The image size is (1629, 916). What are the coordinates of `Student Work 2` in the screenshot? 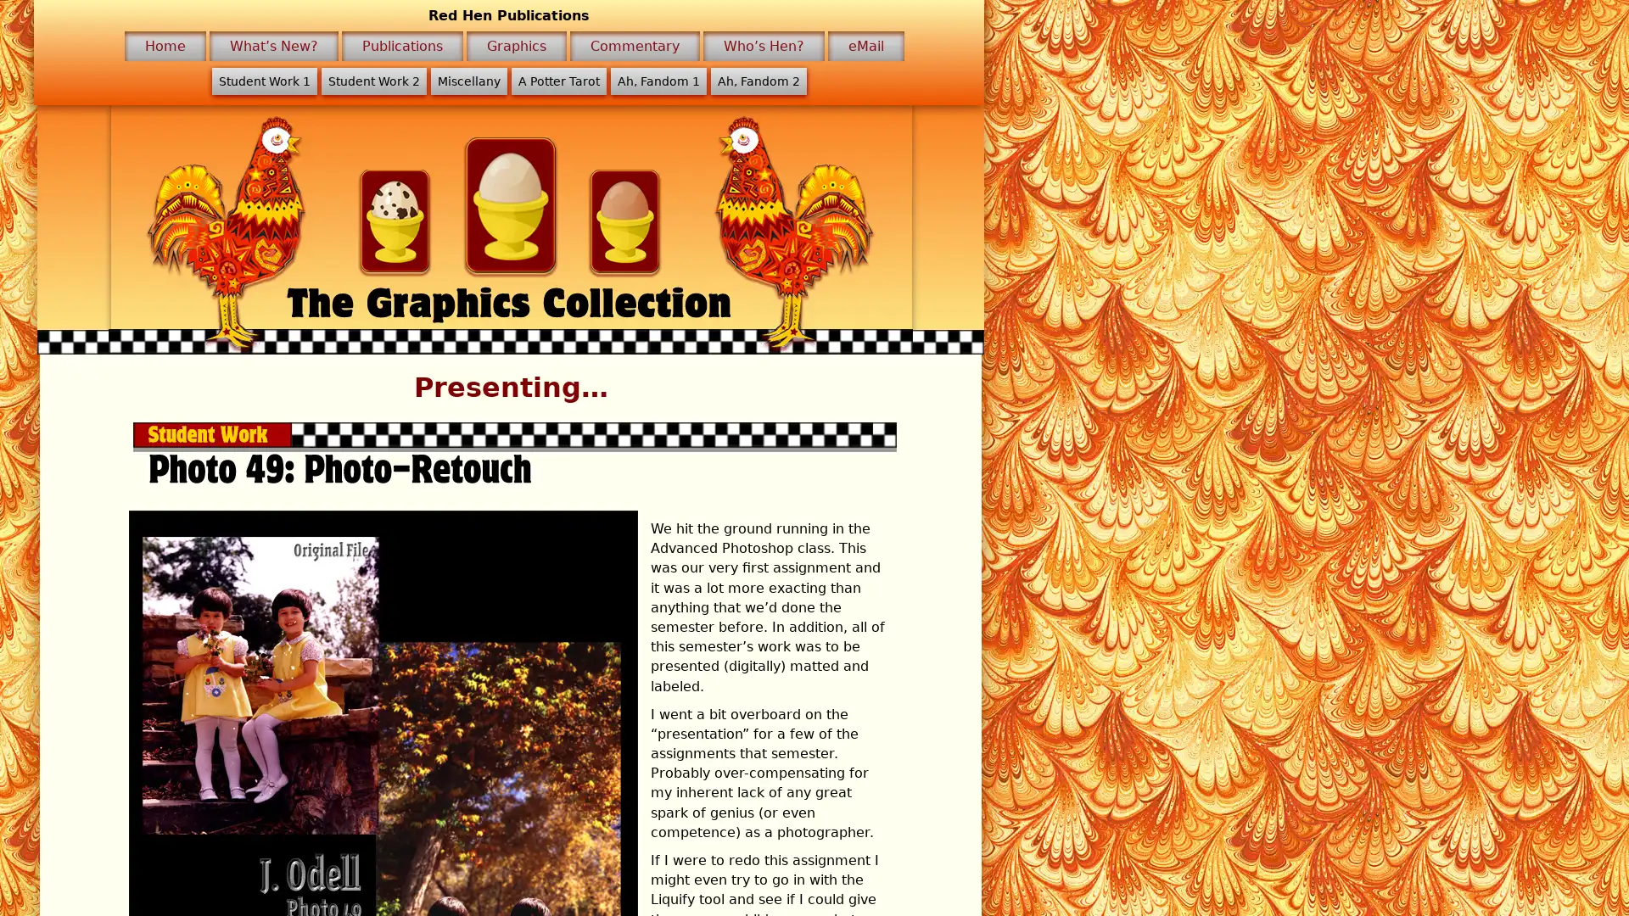 It's located at (372, 81).